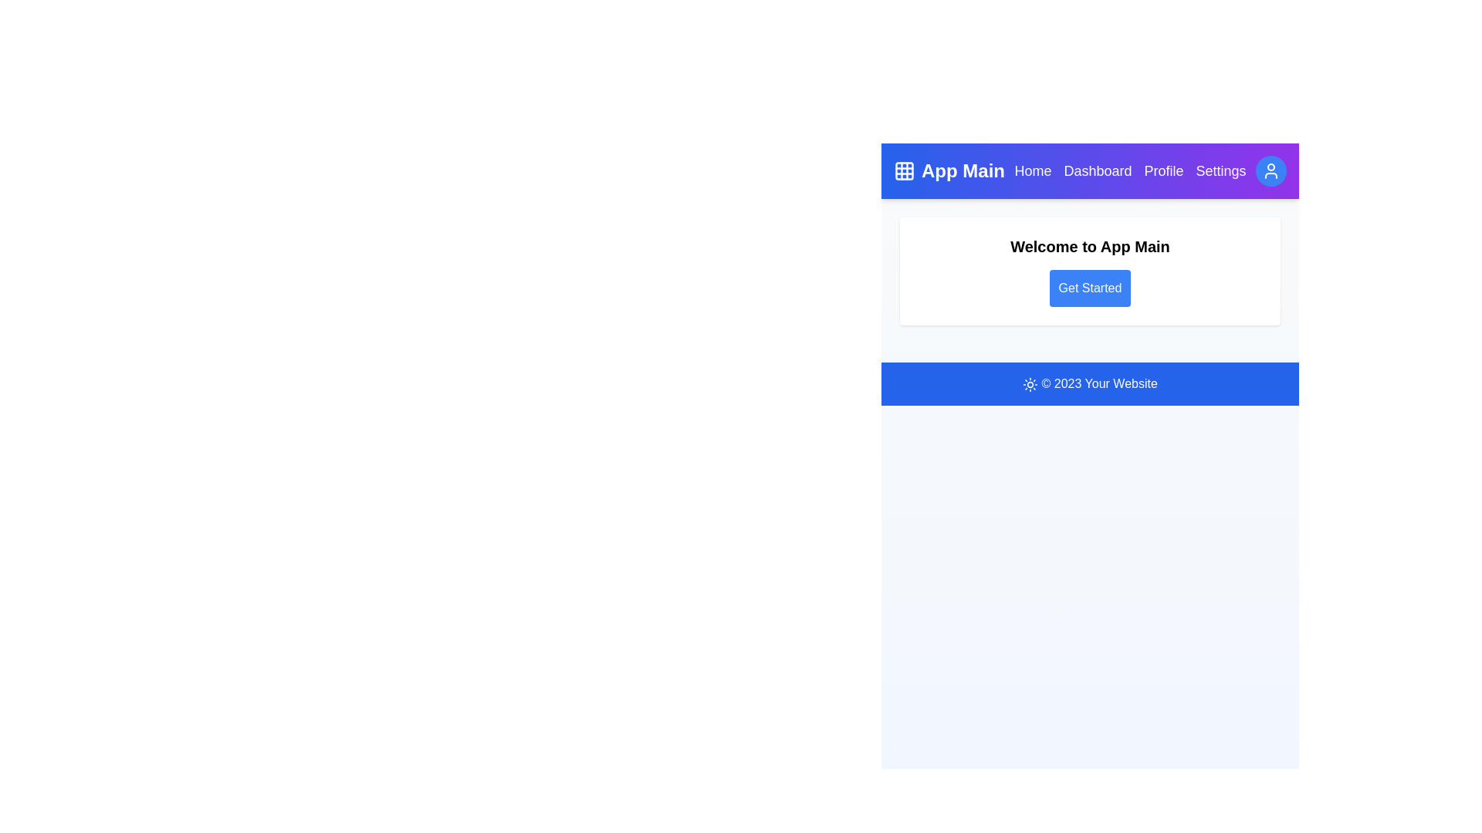  Describe the element at coordinates (1220, 171) in the screenshot. I see `the navigation link labeled Settings to navigate to the corresponding section` at that location.